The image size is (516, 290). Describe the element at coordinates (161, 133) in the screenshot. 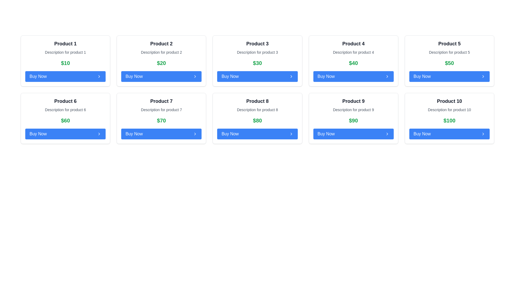

I see `the 'Buy' button located in the card for 'Product 7' in the fourth column of the second row` at that location.